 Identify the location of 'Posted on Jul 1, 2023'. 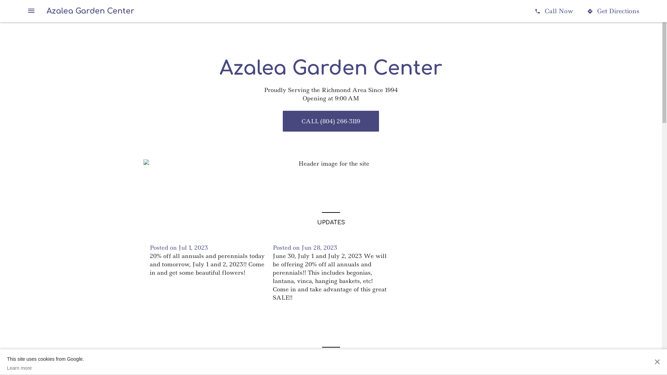
(178, 247).